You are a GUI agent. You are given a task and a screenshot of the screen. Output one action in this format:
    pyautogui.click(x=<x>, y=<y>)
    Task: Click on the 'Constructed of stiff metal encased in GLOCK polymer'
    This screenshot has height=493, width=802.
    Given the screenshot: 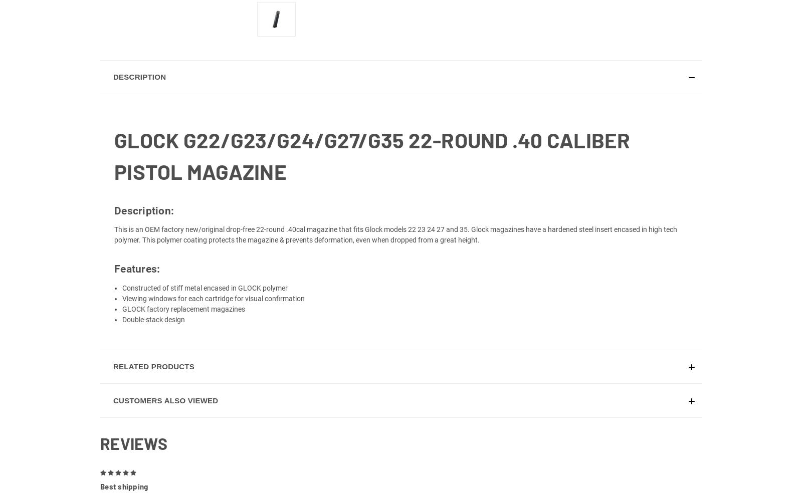 What is the action you would take?
    pyautogui.click(x=204, y=299)
    